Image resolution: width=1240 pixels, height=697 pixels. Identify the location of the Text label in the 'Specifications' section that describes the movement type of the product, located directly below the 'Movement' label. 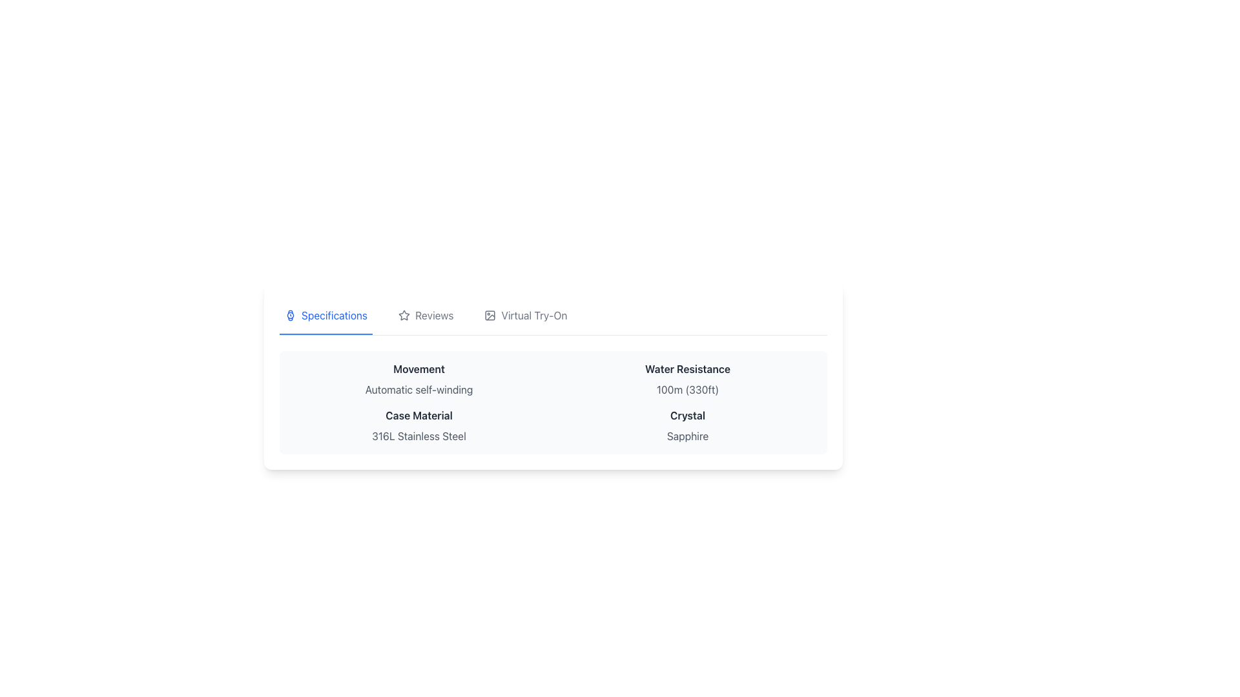
(418, 389).